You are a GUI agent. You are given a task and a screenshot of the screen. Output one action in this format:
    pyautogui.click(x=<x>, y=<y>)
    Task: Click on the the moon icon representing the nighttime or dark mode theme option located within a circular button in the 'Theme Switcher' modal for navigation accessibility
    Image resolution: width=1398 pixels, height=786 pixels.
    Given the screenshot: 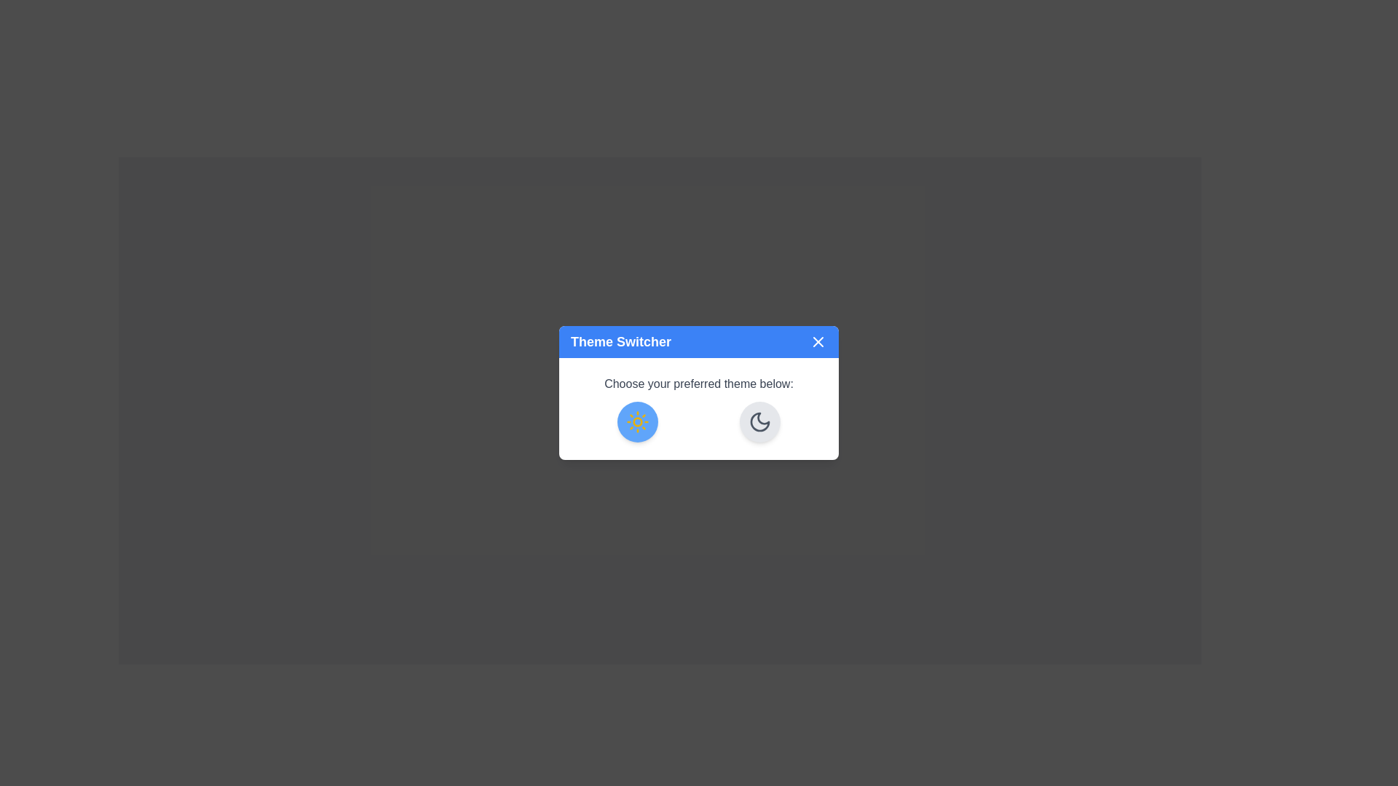 What is the action you would take?
    pyautogui.click(x=759, y=421)
    